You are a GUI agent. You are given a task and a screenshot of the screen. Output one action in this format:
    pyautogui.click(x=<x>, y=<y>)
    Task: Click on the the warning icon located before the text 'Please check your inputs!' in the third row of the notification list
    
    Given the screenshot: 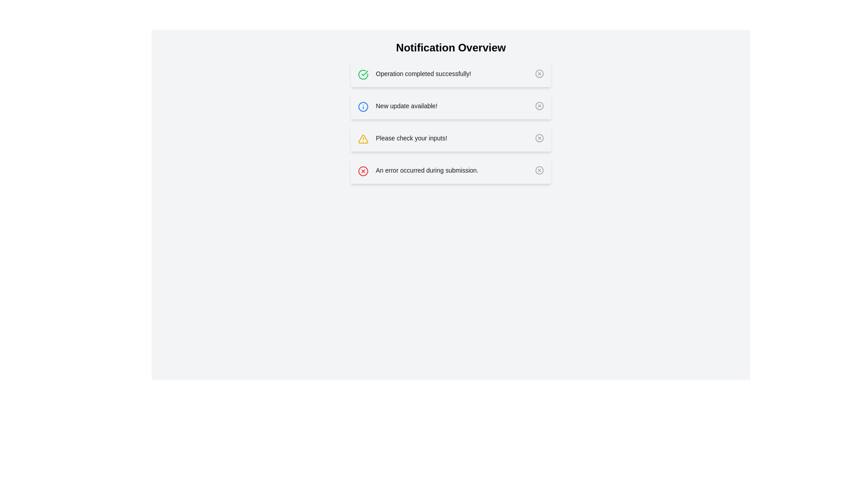 What is the action you would take?
    pyautogui.click(x=363, y=139)
    